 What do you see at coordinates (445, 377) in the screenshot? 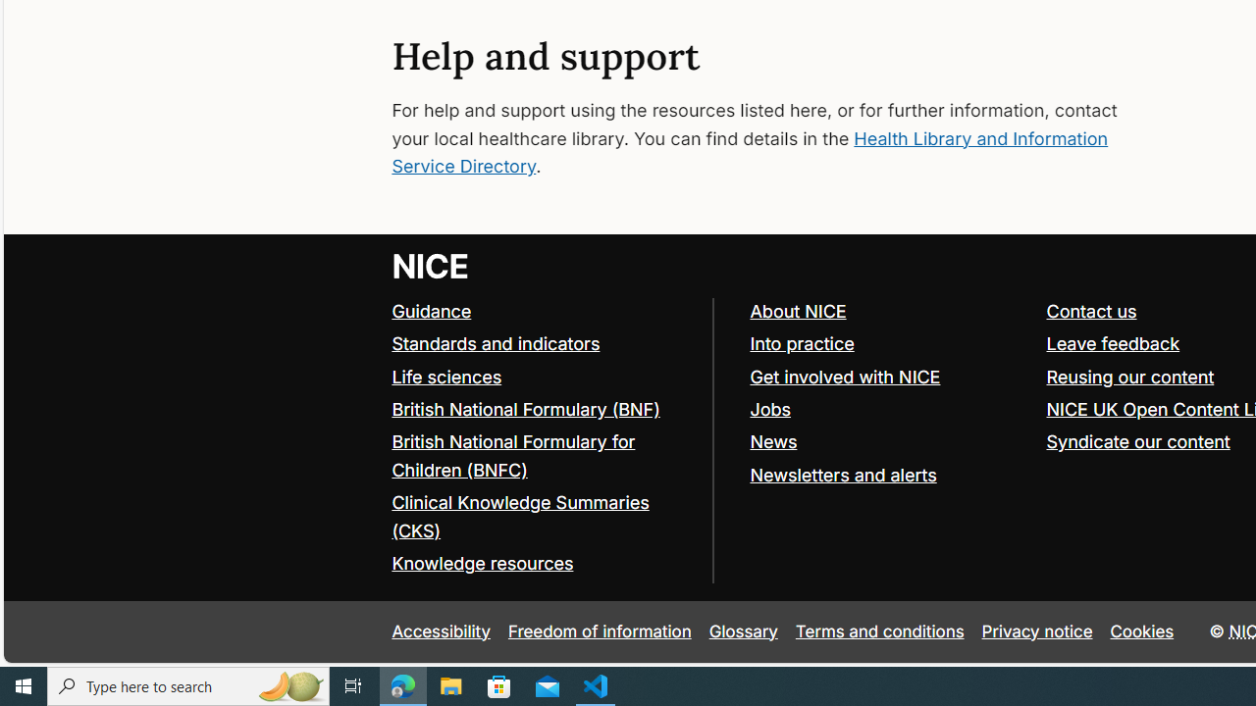
I see `'Life sciences'` at bounding box center [445, 377].